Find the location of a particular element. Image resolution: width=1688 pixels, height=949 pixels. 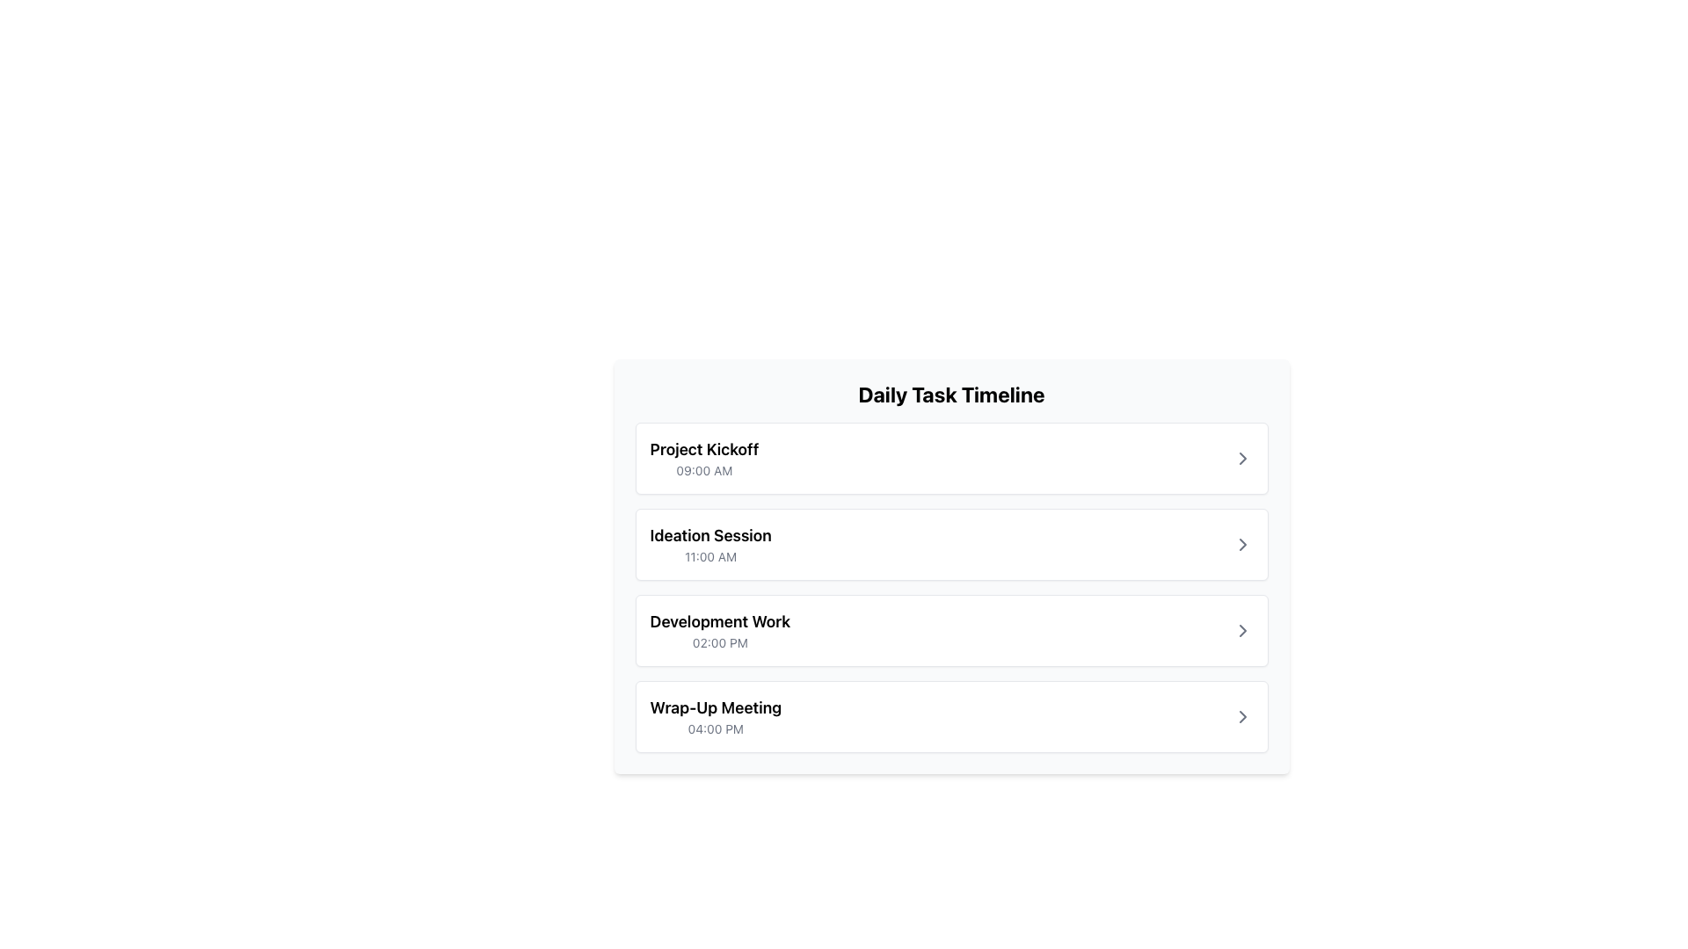

the event details displayed is located at coordinates (710, 544).